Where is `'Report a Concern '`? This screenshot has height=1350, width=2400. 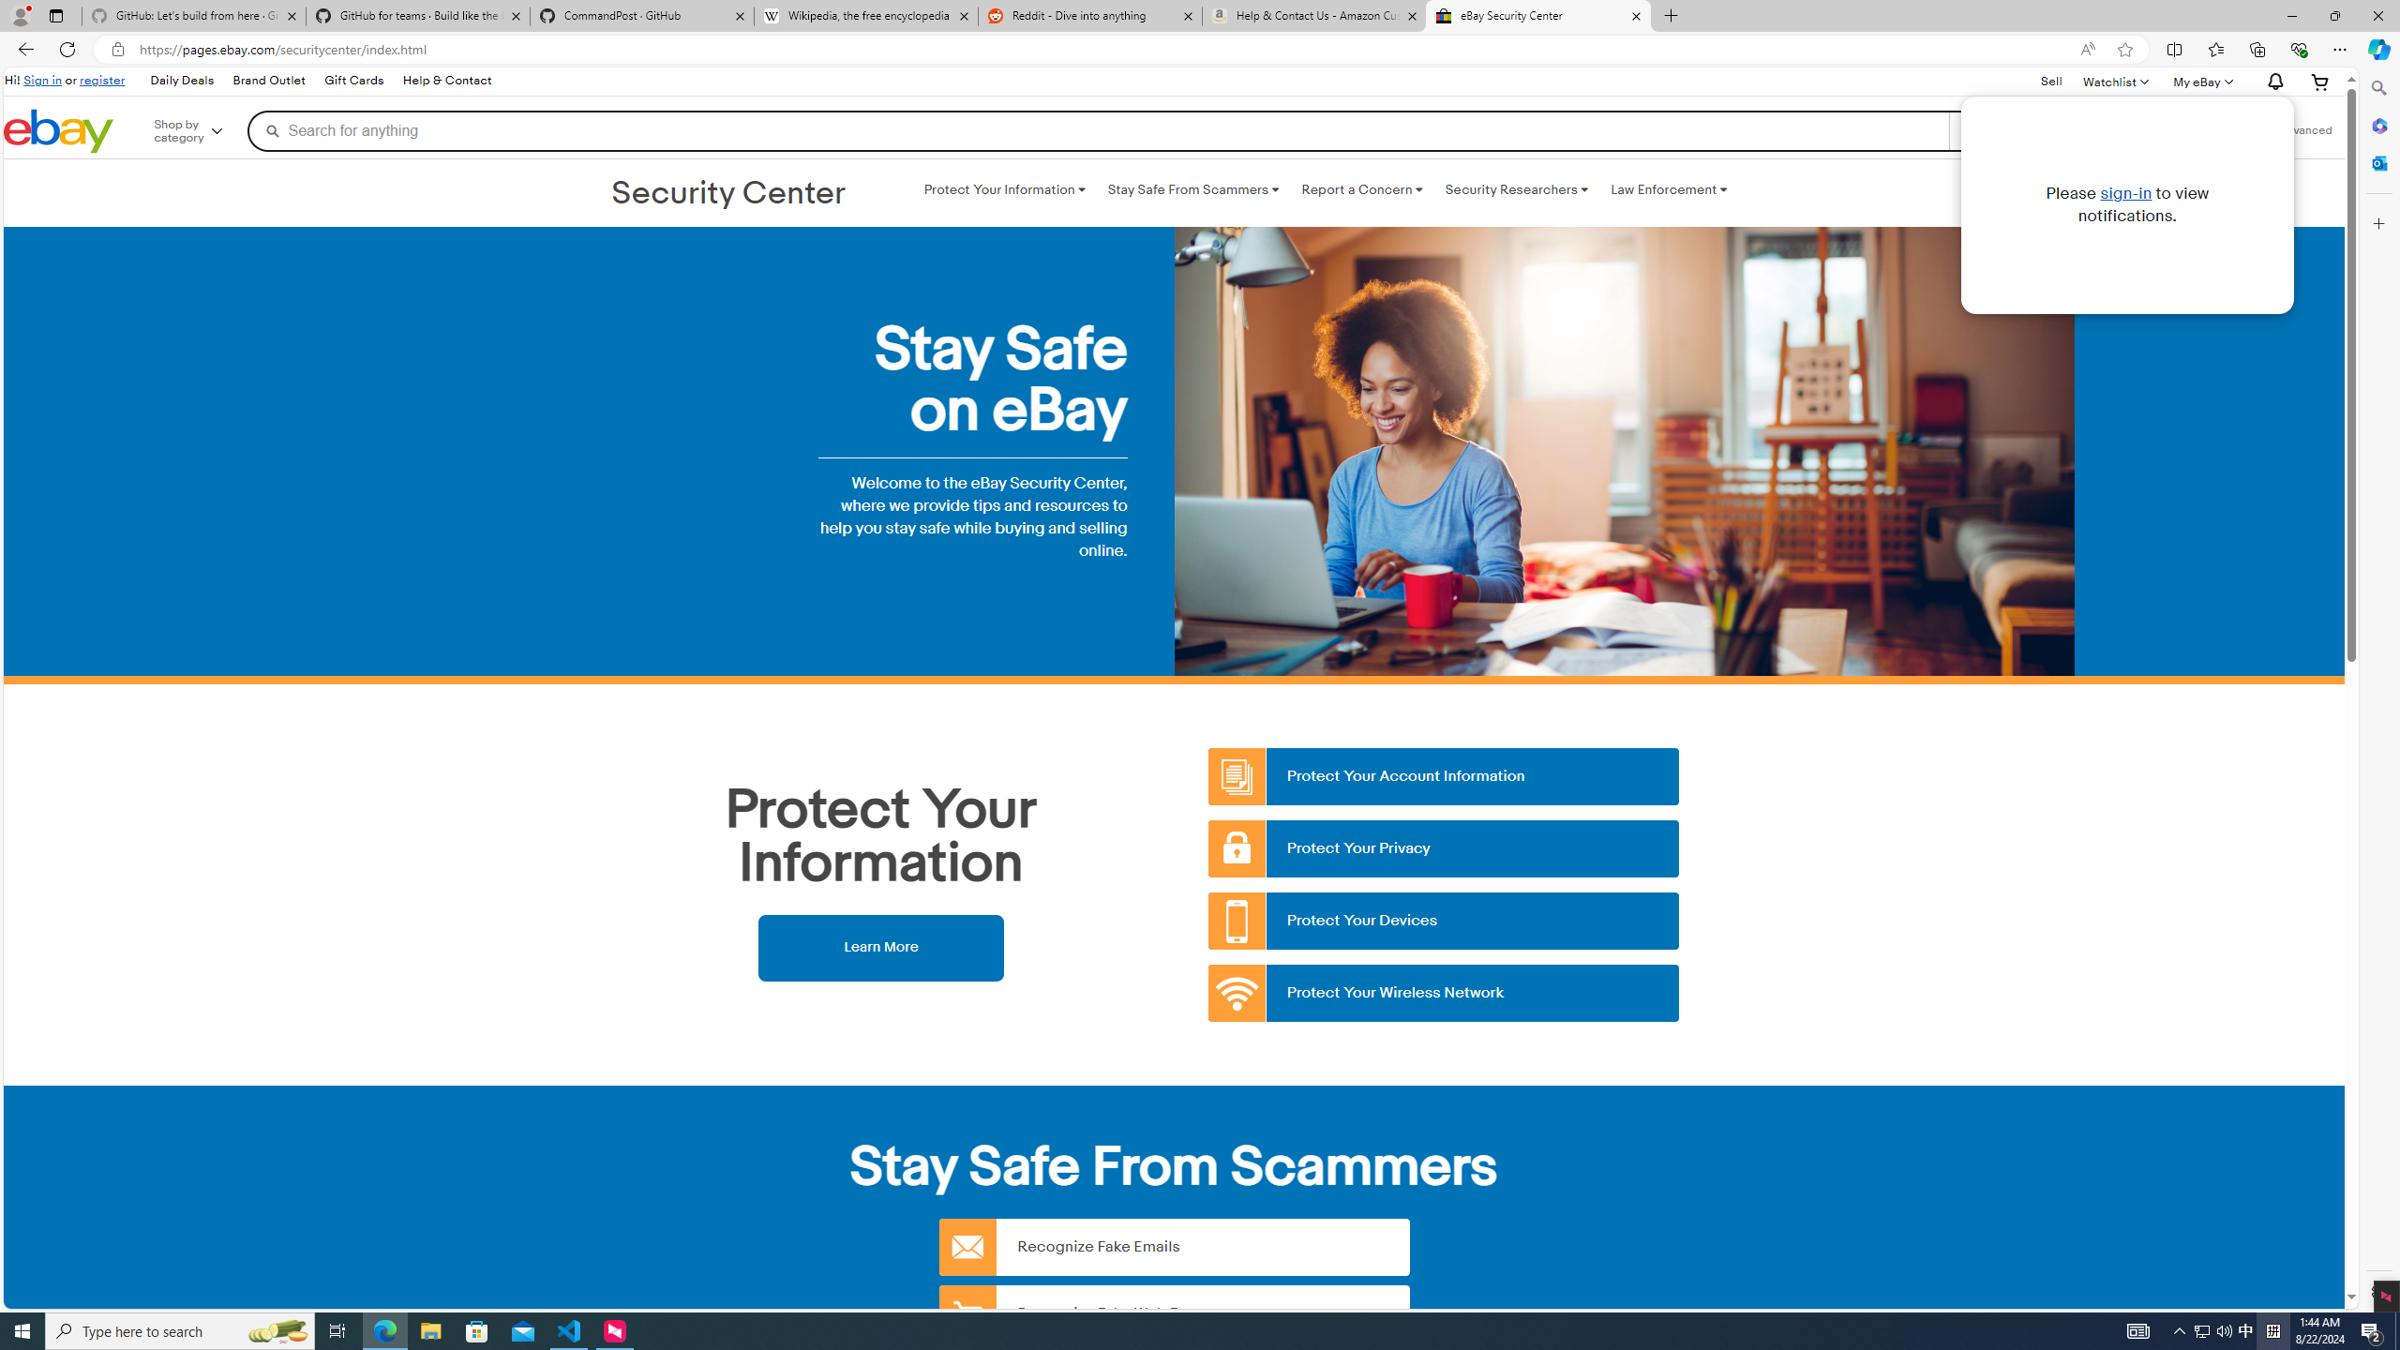 'Report a Concern ' is located at coordinates (1360, 189).